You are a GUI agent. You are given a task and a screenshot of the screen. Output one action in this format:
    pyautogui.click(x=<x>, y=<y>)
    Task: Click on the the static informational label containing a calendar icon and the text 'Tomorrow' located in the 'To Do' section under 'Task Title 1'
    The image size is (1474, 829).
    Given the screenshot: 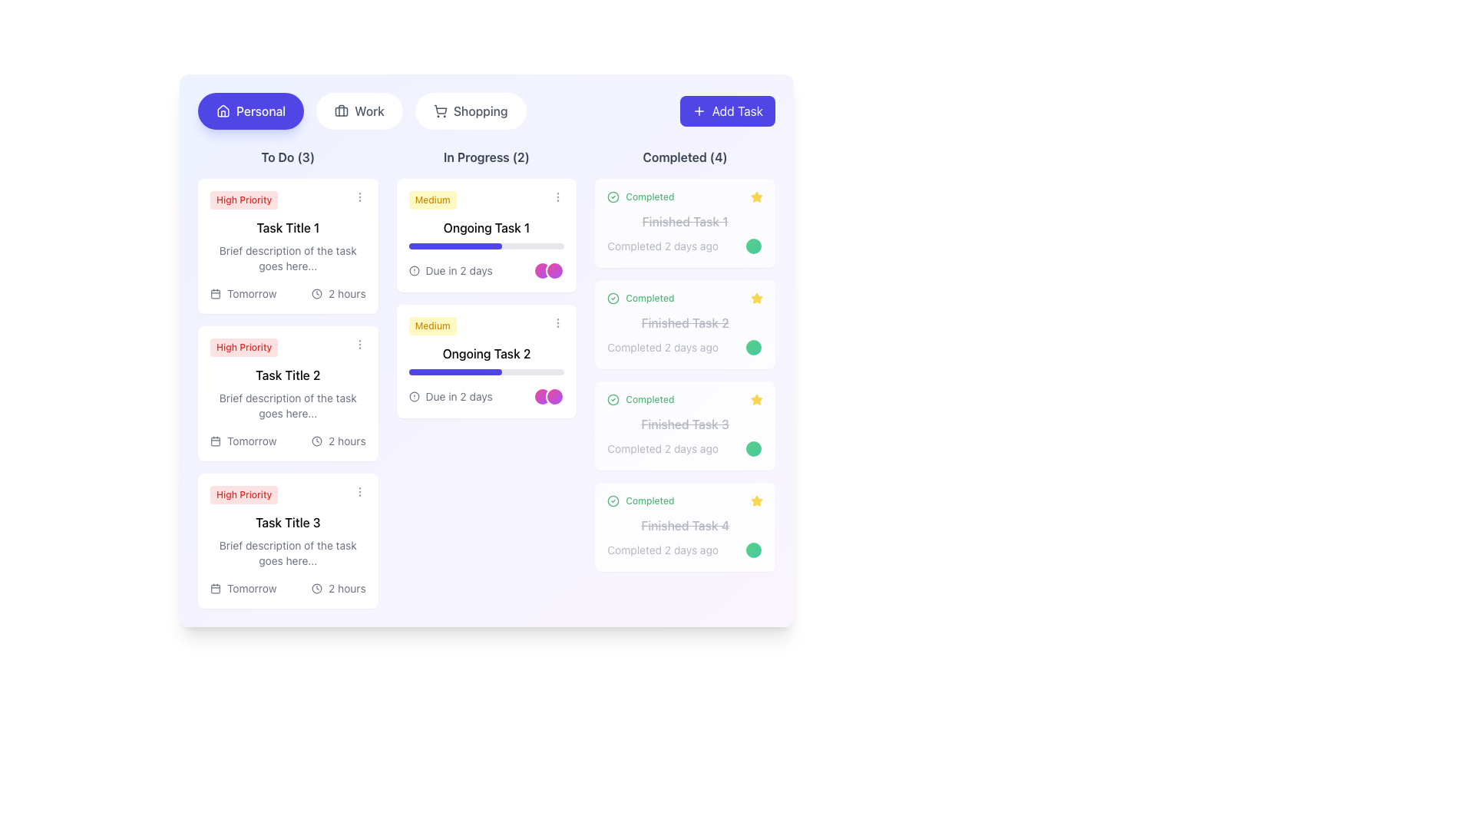 What is the action you would take?
    pyautogui.click(x=243, y=293)
    